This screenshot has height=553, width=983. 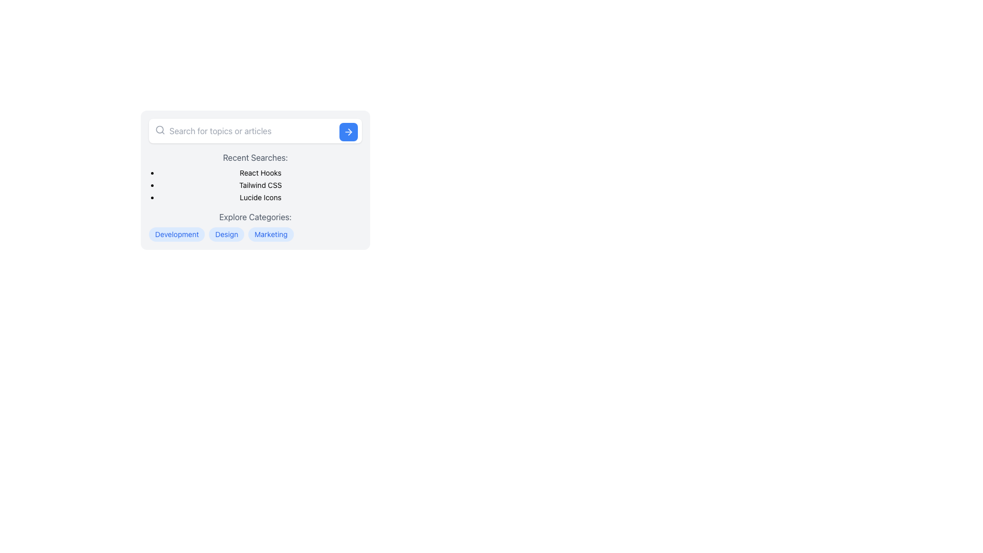 I want to click on the static informational list displaying recently searched topics, located below the search bar and above the 'Explore Categories' section, so click(x=255, y=177).